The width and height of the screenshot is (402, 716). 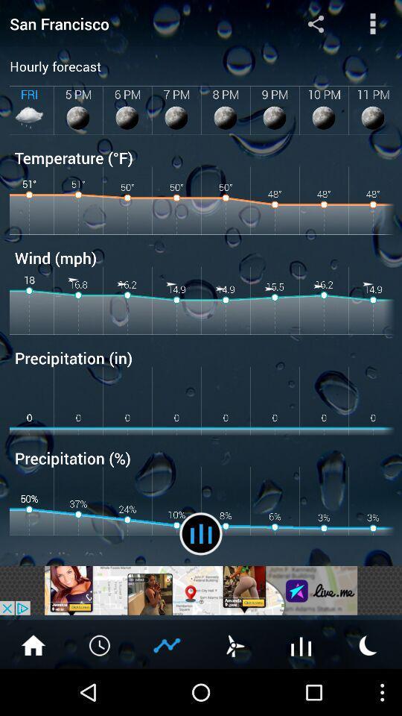 I want to click on the time icon, so click(x=100, y=690).